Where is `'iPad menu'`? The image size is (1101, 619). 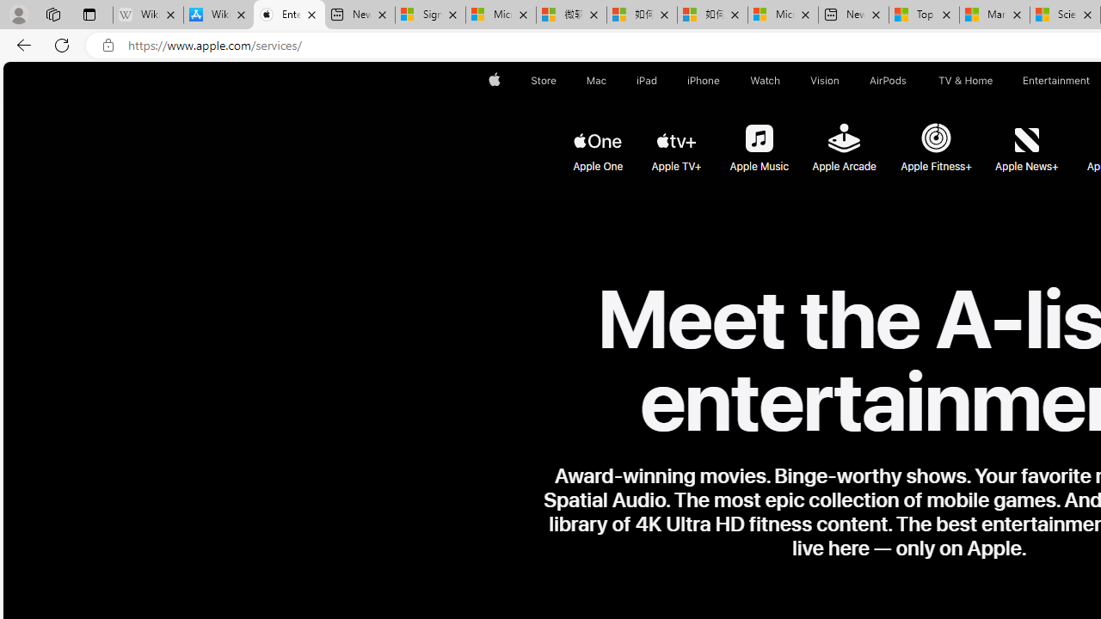 'iPad menu' is located at coordinates (660, 80).